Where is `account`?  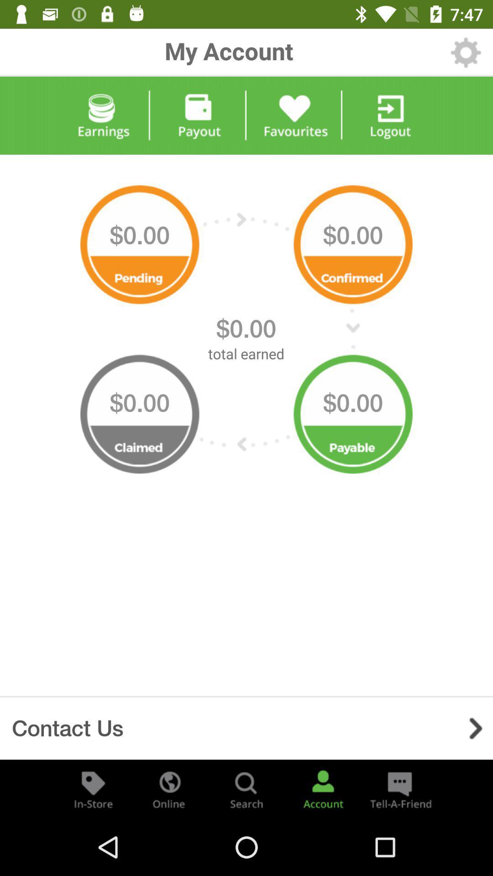 account is located at coordinates (323, 788).